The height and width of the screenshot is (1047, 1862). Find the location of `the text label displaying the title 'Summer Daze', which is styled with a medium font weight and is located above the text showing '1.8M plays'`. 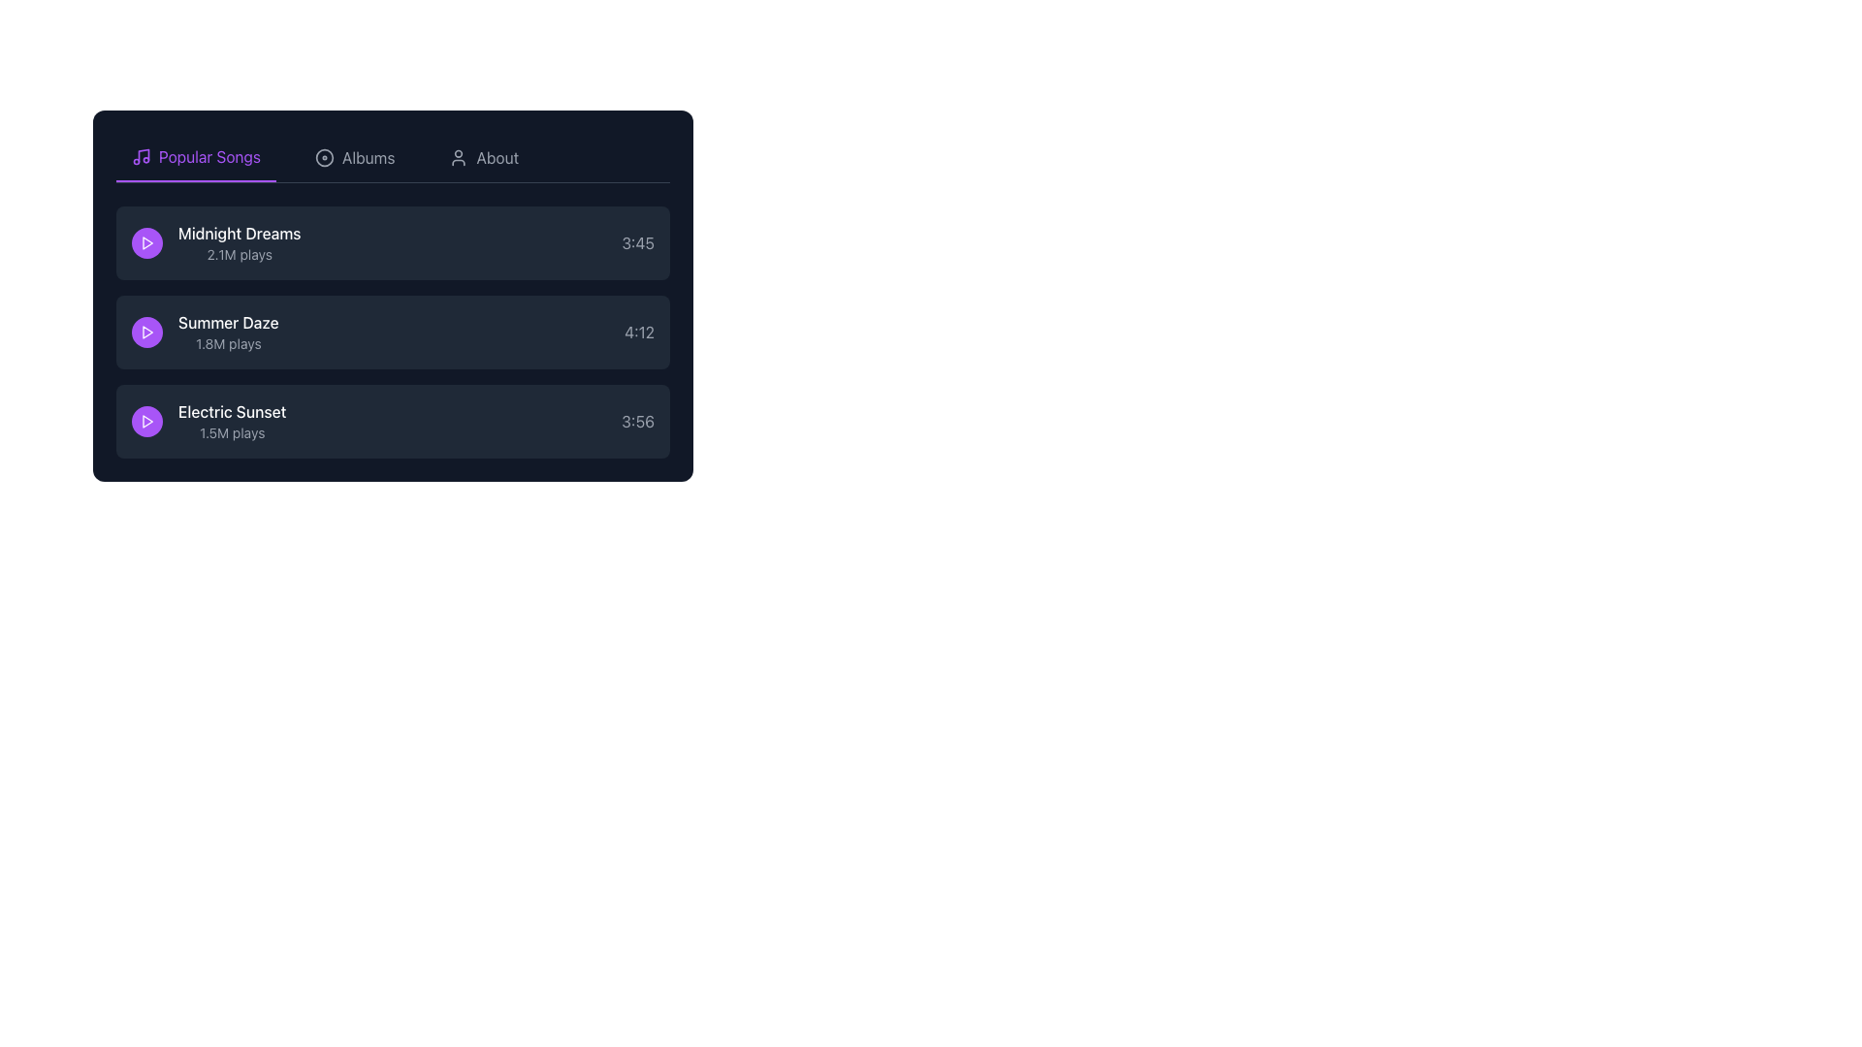

the text label displaying the title 'Summer Daze', which is styled with a medium font weight and is located above the text showing '1.8M plays' is located at coordinates (228, 321).